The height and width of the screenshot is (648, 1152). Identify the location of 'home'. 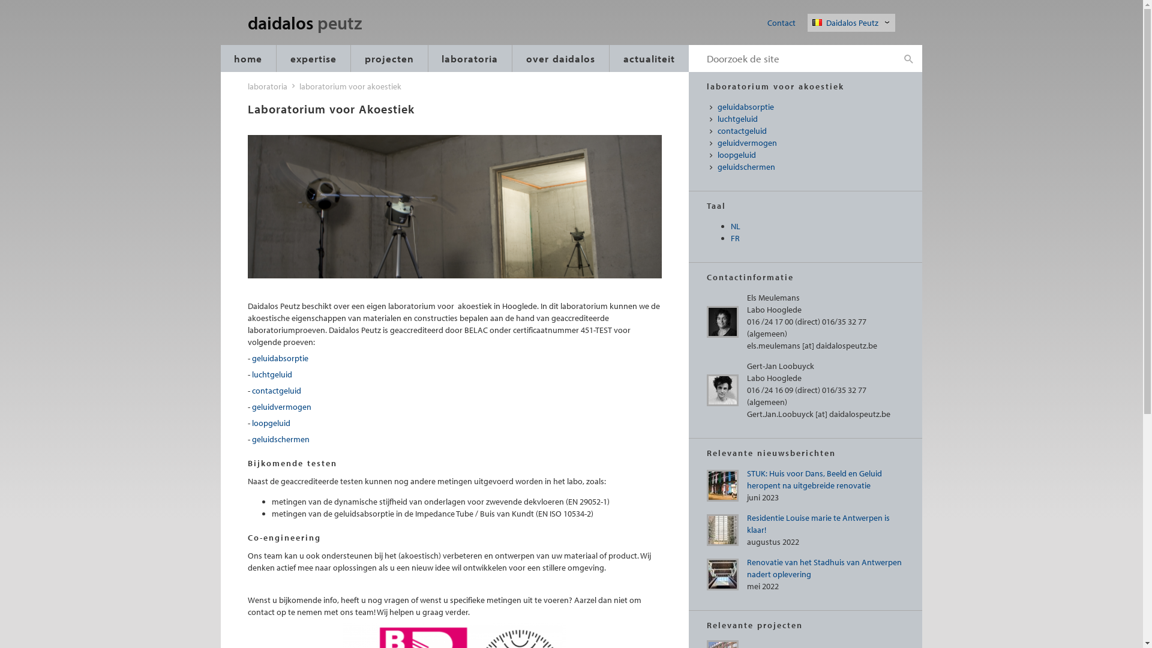
(248, 58).